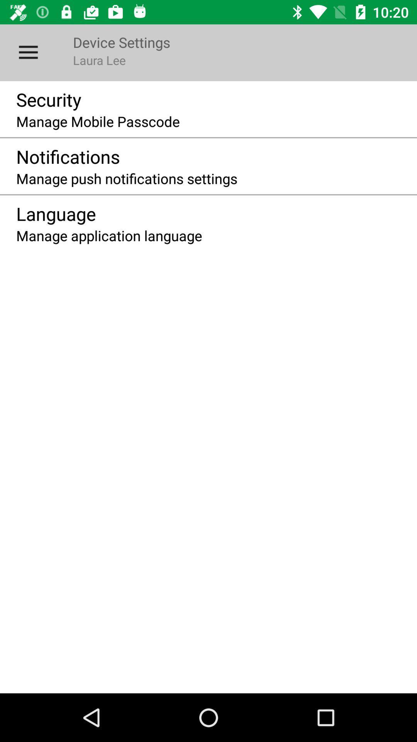  Describe the element at coordinates (28, 52) in the screenshot. I see `the icon next to device settings icon` at that location.